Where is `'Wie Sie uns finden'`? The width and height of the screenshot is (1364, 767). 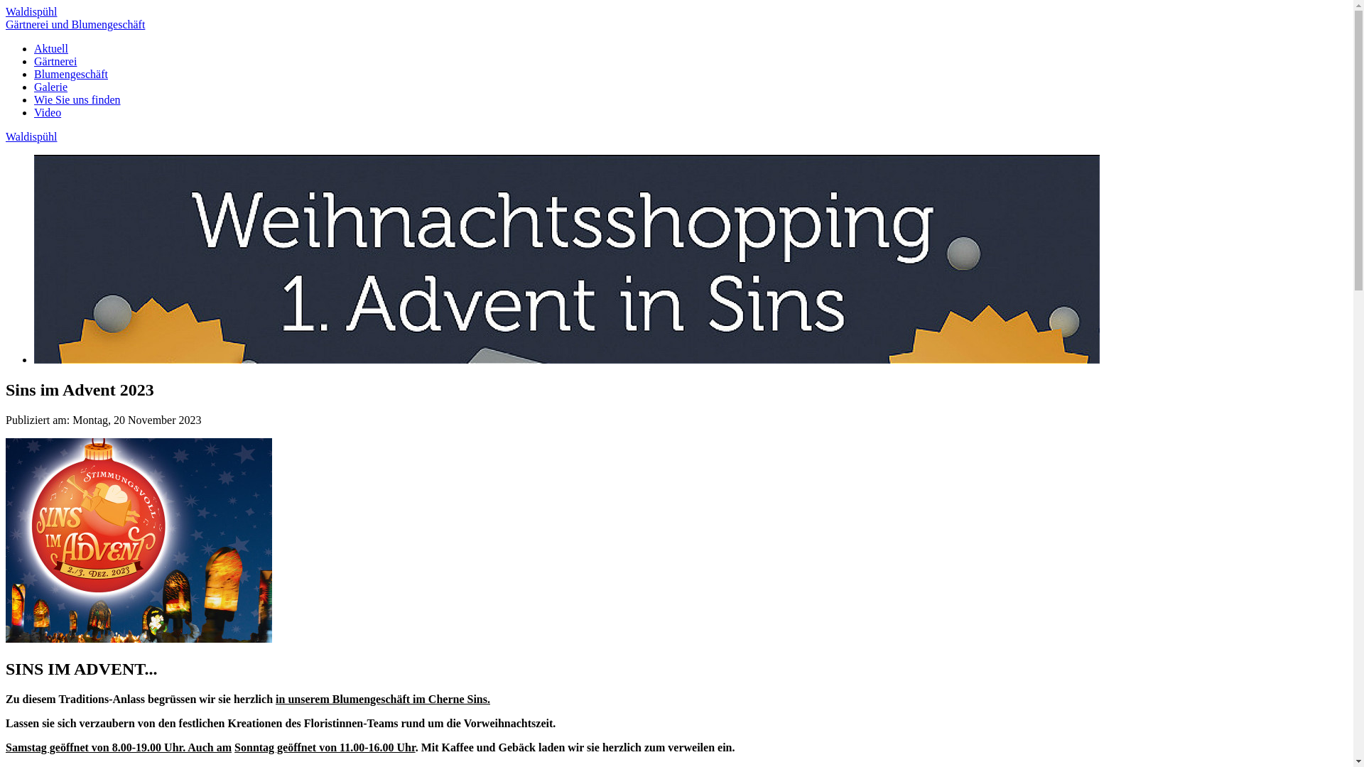 'Wie Sie uns finden' is located at coordinates (34, 99).